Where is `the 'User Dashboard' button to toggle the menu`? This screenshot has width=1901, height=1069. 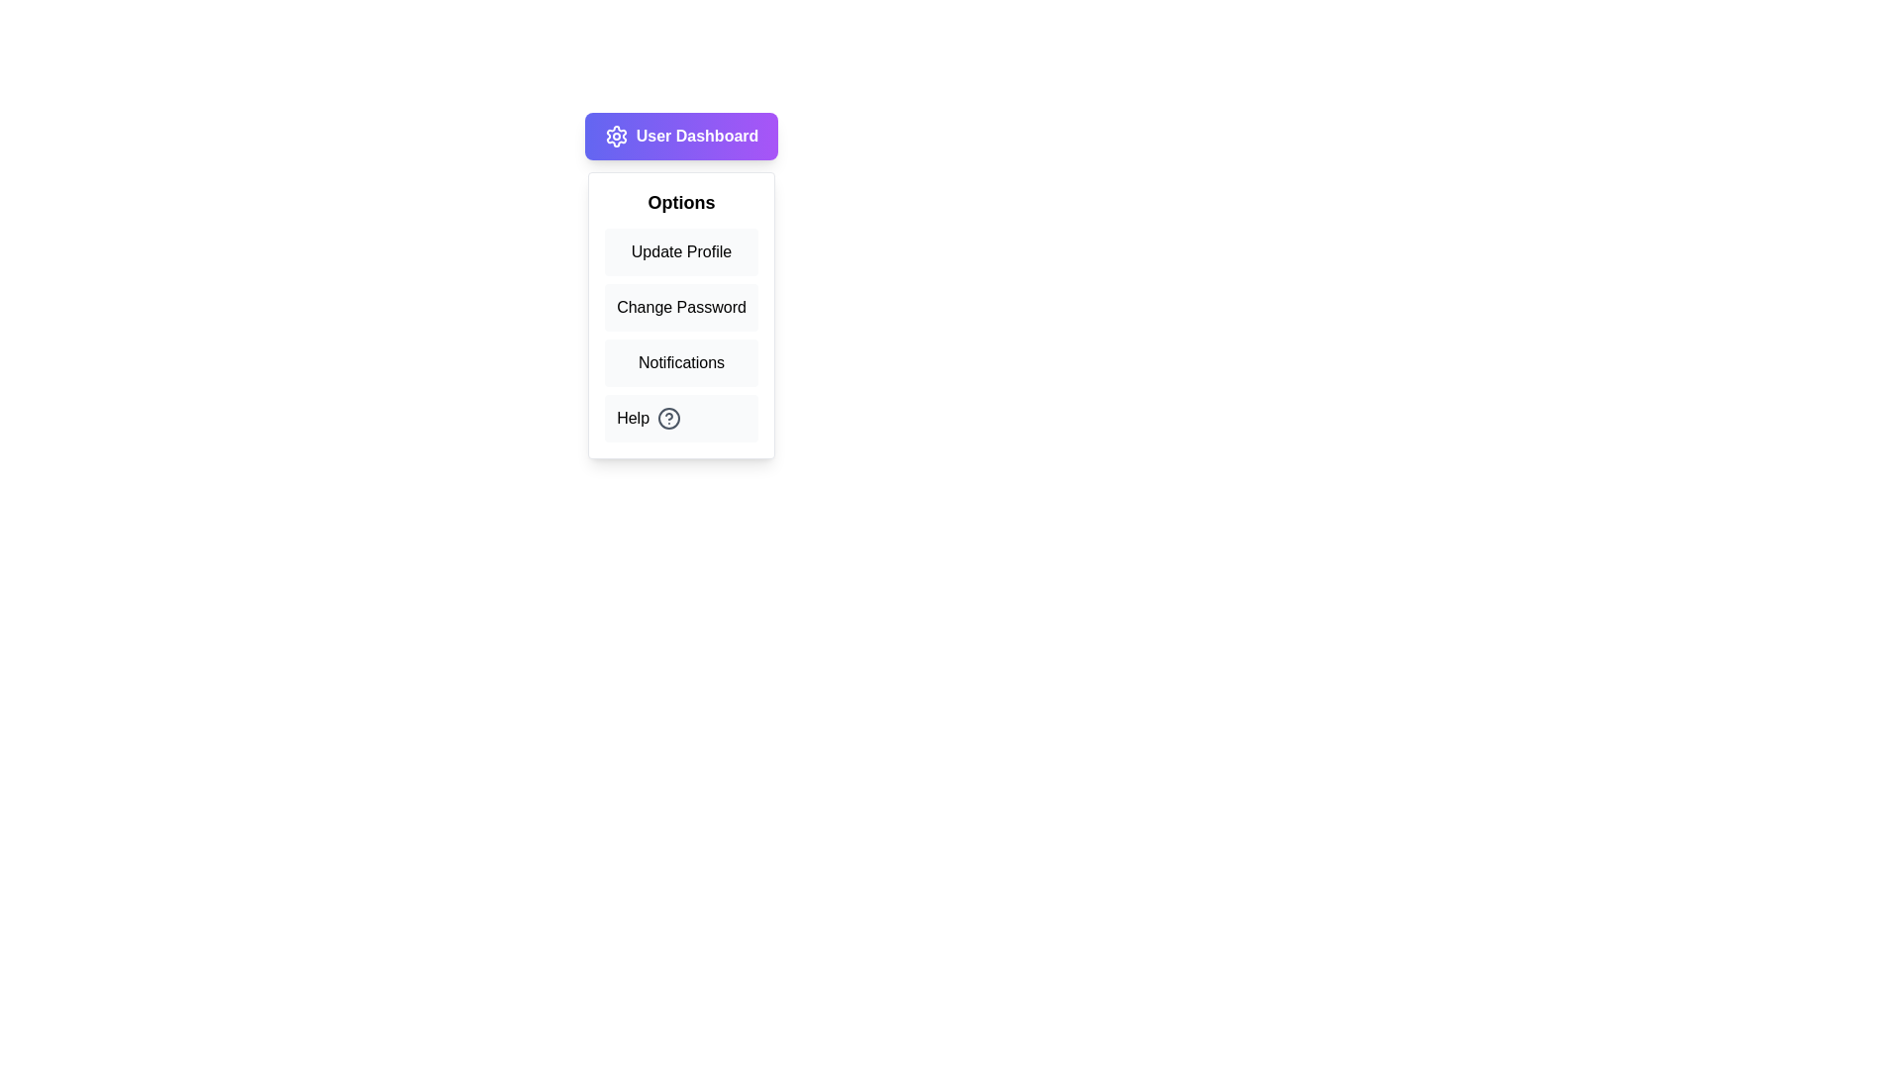
the 'User Dashboard' button to toggle the menu is located at coordinates (681, 136).